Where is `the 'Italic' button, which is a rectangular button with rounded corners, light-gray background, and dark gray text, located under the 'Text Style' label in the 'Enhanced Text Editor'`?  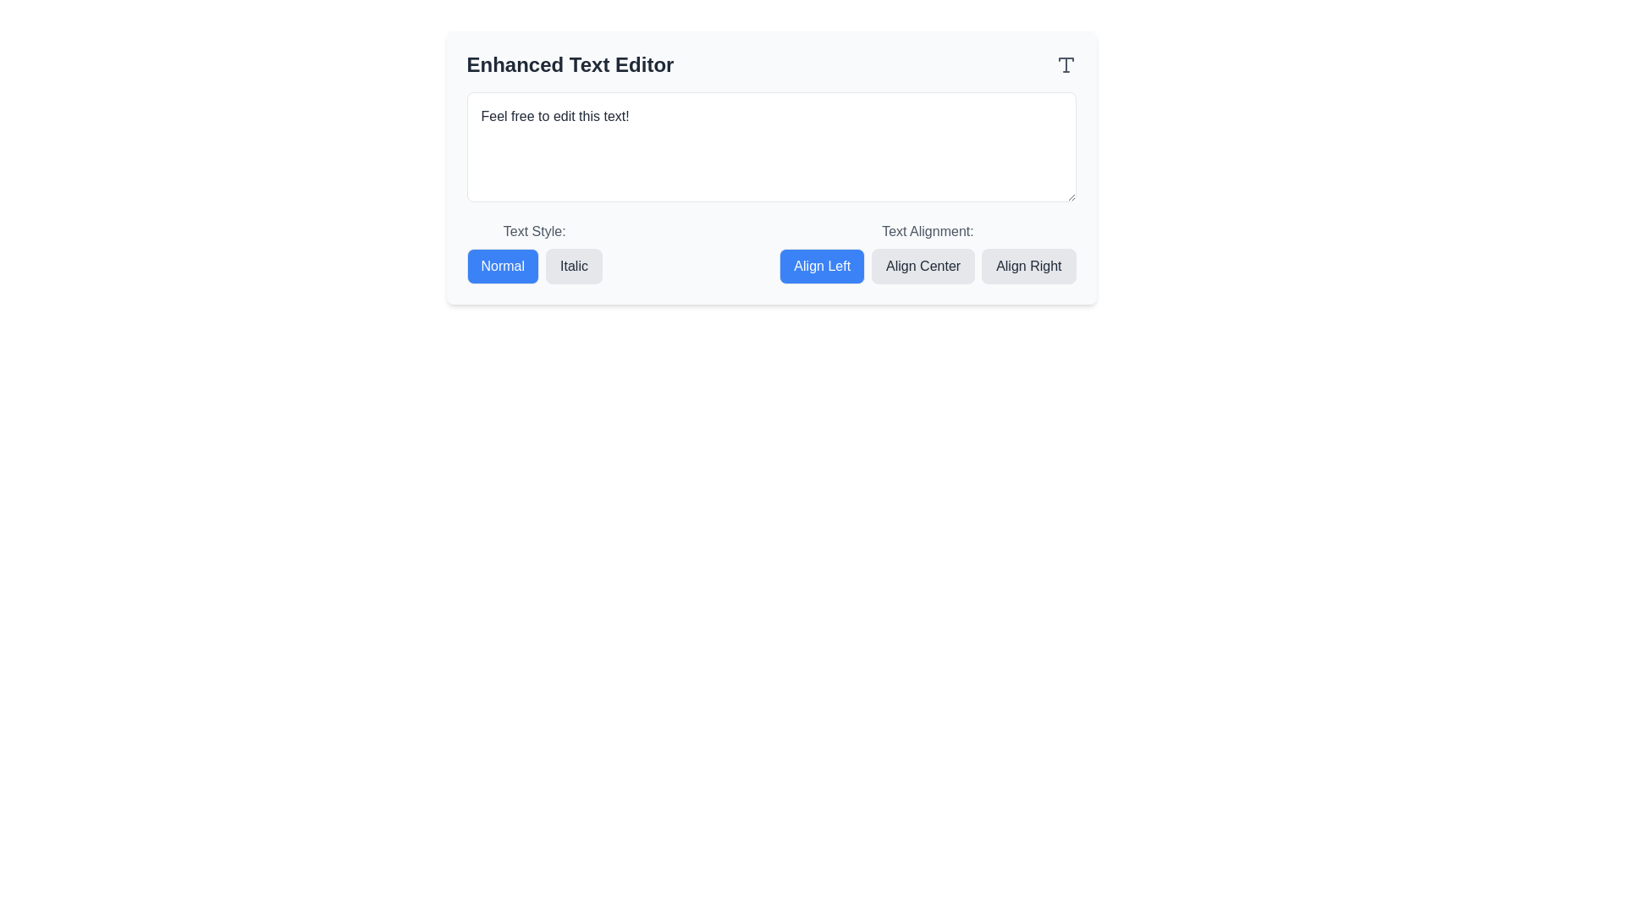 the 'Italic' button, which is a rectangular button with rounded corners, light-gray background, and dark gray text, located under the 'Text Style' label in the 'Enhanced Text Editor' is located at coordinates (574, 267).